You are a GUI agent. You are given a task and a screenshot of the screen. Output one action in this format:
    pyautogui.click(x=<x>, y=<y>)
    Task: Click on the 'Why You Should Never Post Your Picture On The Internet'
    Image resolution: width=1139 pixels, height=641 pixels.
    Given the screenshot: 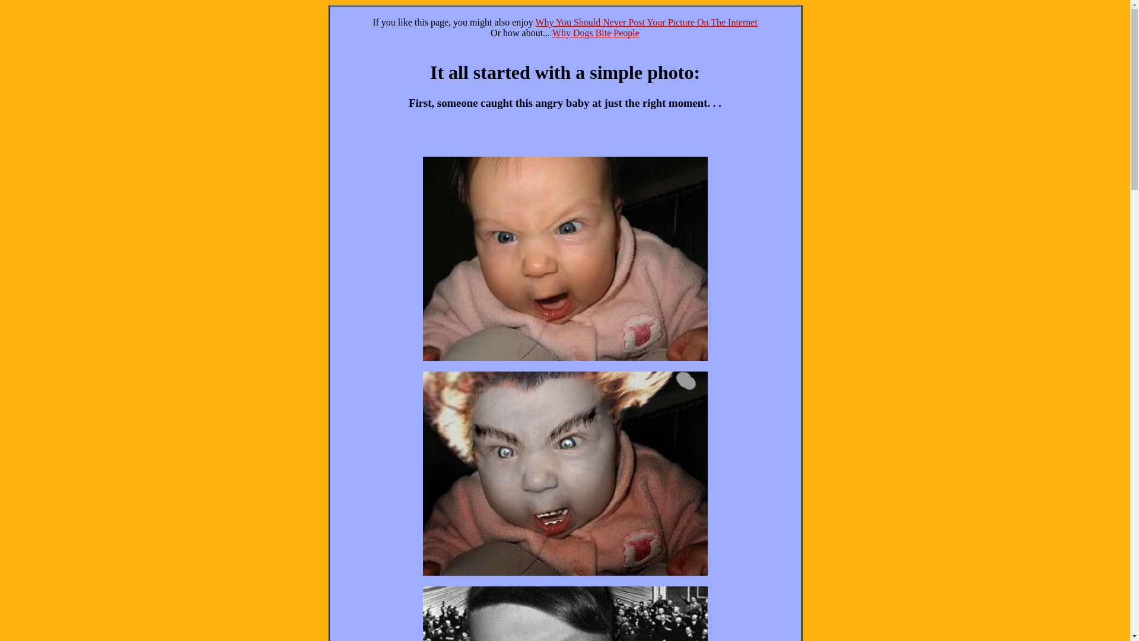 What is the action you would take?
    pyautogui.click(x=645, y=22)
    